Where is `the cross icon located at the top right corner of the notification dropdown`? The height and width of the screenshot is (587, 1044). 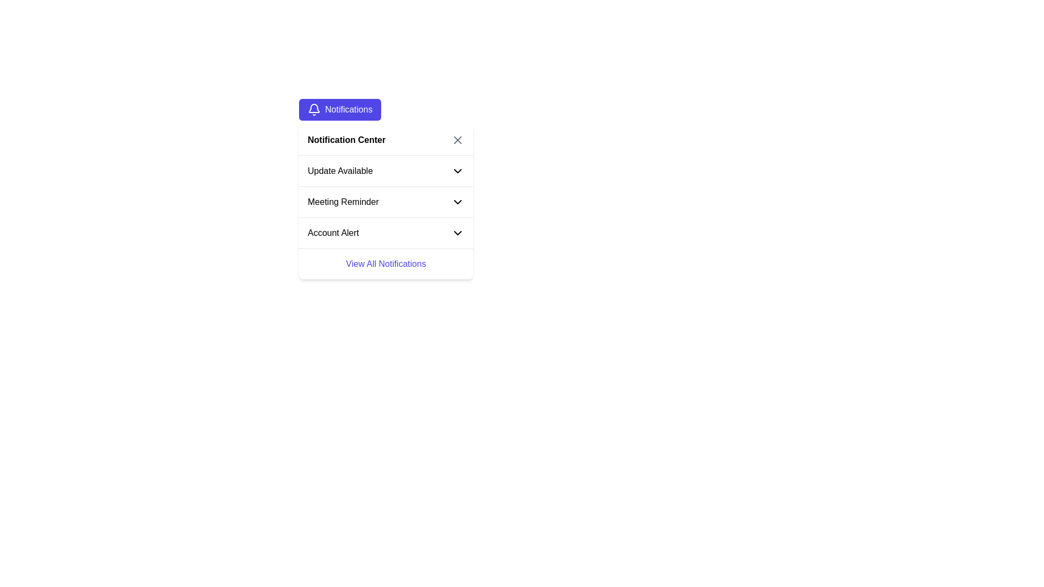 the cross icon located at the top right corner of the notification dropdown is located at coordinates (457, 140).